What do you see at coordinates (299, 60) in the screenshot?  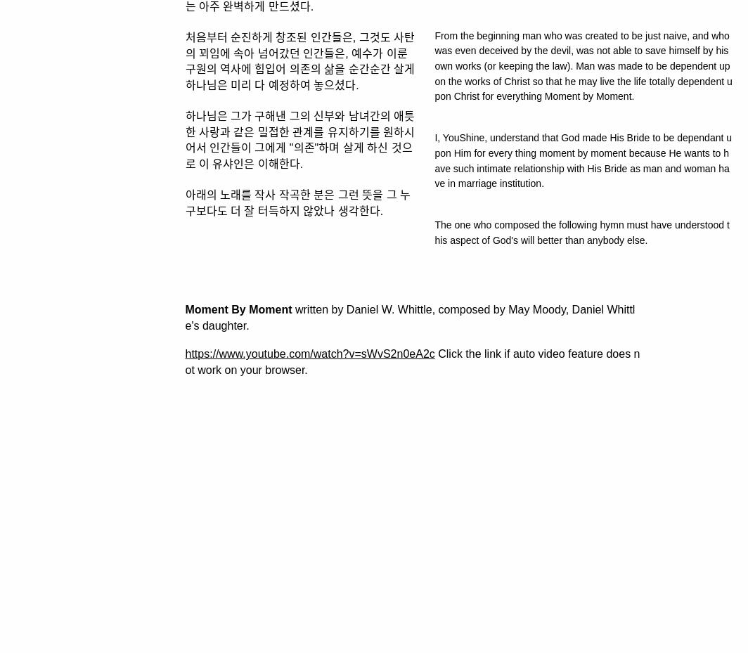 I see `'처음부터 순진하게 창조된 인간들은, 그것도 사탄의 꾀임에 속아 넘어갔던 										인간들은, 예수가 이룬 구원의 역사에 힘입어 의존의 삶을 순간순간 살게 										하나님은 미리 다 예정하여 놓으셨다.'` at bounding box center [299, 60].